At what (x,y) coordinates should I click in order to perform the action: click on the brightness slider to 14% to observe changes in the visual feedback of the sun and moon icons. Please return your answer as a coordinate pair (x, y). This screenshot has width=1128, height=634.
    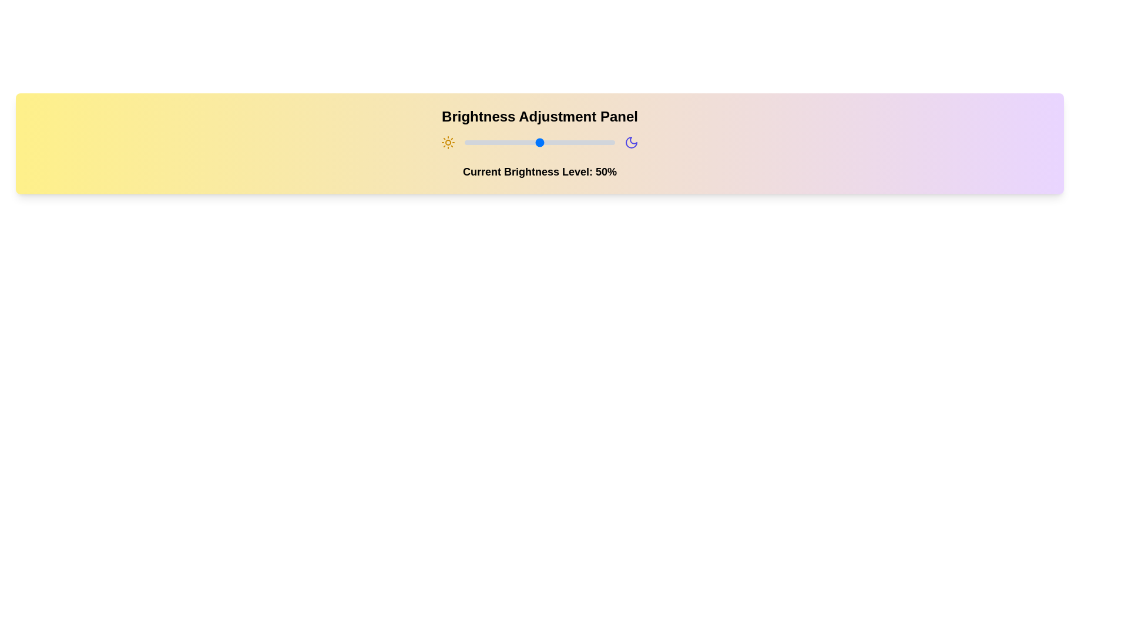
    Looking at the image, I should click on (485, 142).